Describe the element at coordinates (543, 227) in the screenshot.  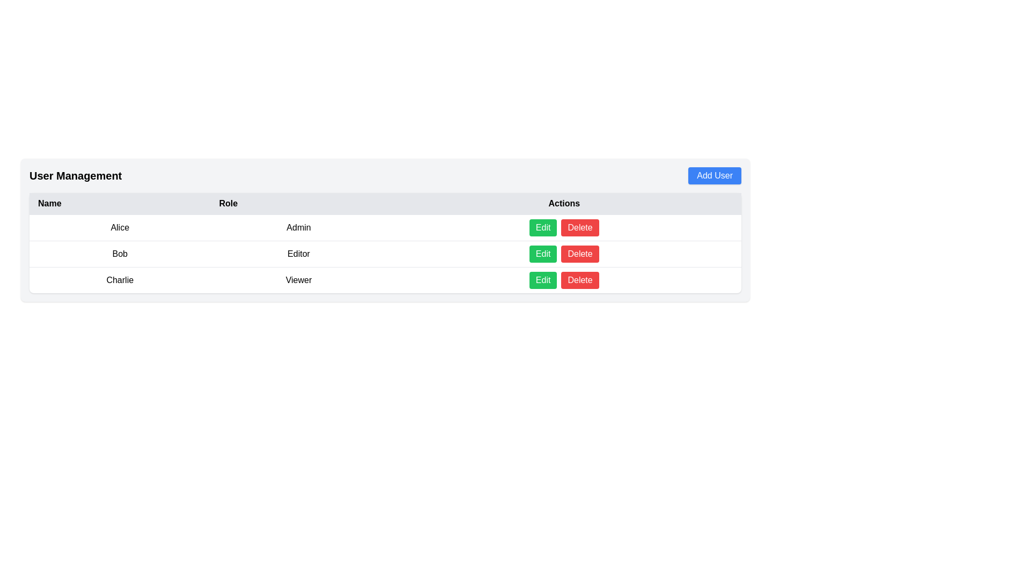
I see `the edit button located in the first column of the last row of the table, positioned directly to the left of the red 'Delete' button` at that location.